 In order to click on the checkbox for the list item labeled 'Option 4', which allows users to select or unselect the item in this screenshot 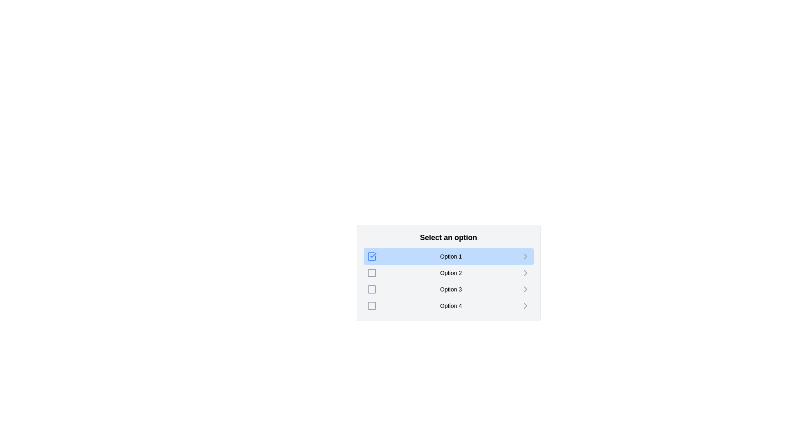, I will do `click(371, 306)`.